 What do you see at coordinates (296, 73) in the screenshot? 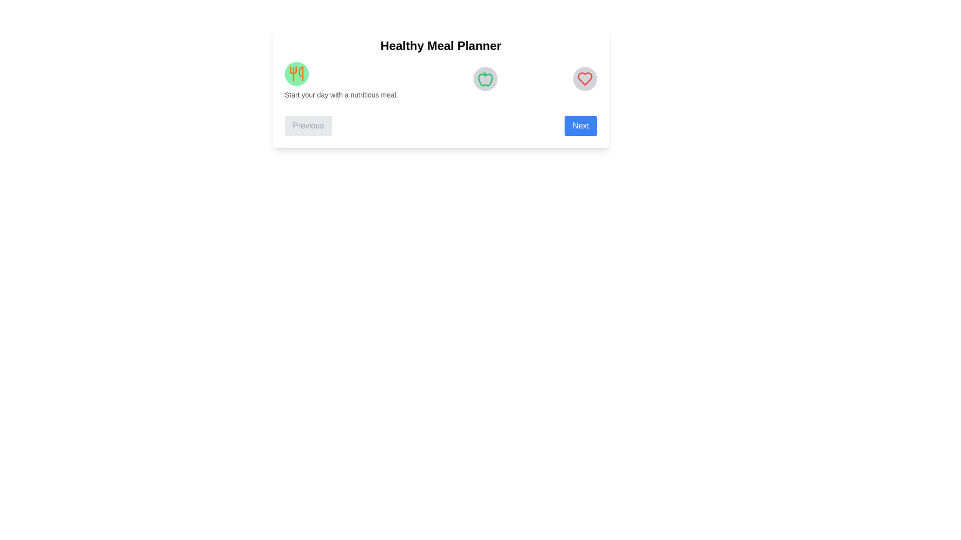
I see `the icon representing the Breakfast step to view its details` at bounding box center [296, 73].